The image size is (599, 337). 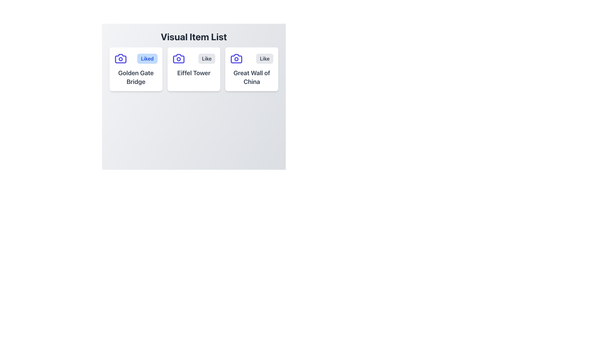 I want to click on the 'Like' button with a light gray background and bold dark gray text located in the second column under the 'Eiffel Tower' section, so click(x=207, y=59).